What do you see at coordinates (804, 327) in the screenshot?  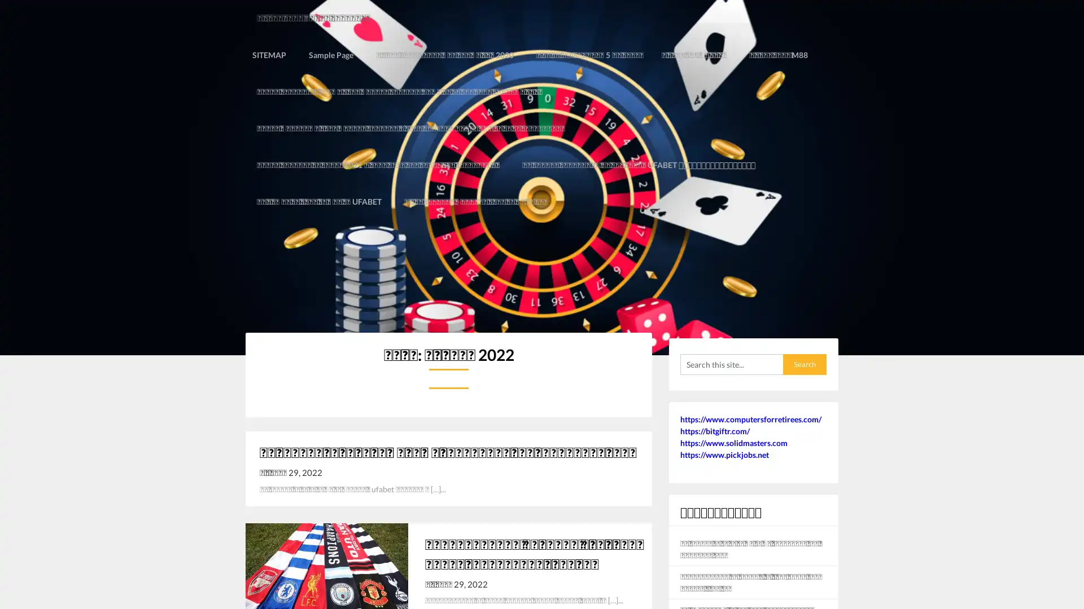 I see `Search` at bounding box center [804, 327].